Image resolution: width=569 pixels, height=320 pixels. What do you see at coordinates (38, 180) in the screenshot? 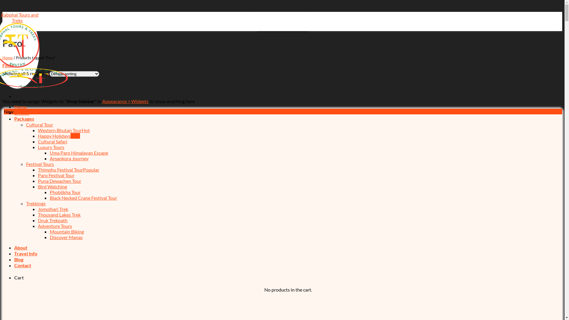
I see `'Puna Dewachen Tour'` at bounding box center [38, 180].